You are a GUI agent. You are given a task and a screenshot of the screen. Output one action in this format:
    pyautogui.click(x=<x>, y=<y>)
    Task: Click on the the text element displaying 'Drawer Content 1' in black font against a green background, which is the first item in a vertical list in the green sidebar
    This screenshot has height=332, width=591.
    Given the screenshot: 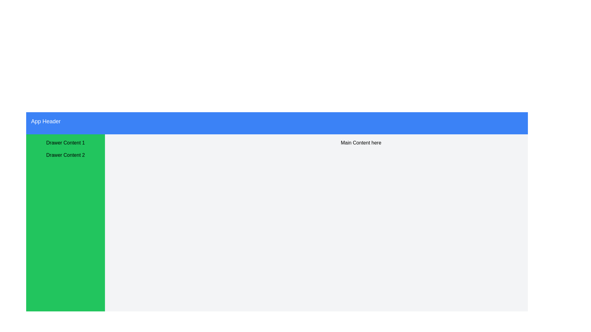 What is the action you would take?
    pyautogui.click(x=65, y=143)
    